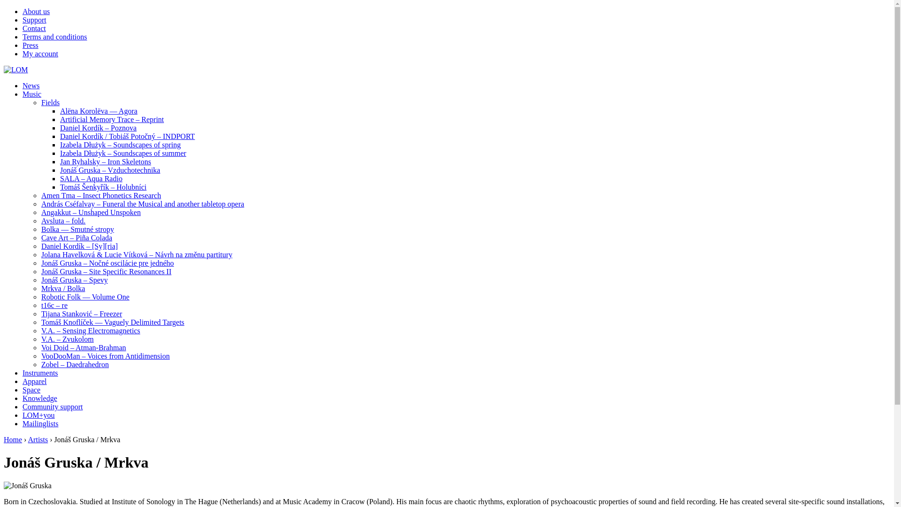 The width and height of the screenshot is (901, 507). Describe the element at coordinates (23, 390) in the screenshot. I see `'Space'` at that location.